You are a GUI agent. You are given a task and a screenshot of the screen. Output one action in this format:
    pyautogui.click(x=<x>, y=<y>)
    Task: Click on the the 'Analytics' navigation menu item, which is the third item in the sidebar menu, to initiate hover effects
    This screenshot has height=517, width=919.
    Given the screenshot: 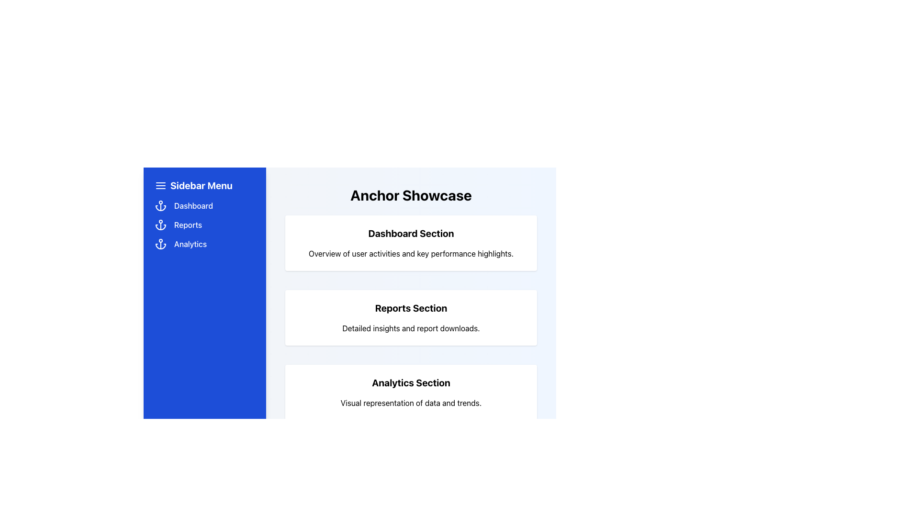 What is the action you would take?
    pyautogui.click(x=204, y=243)
    